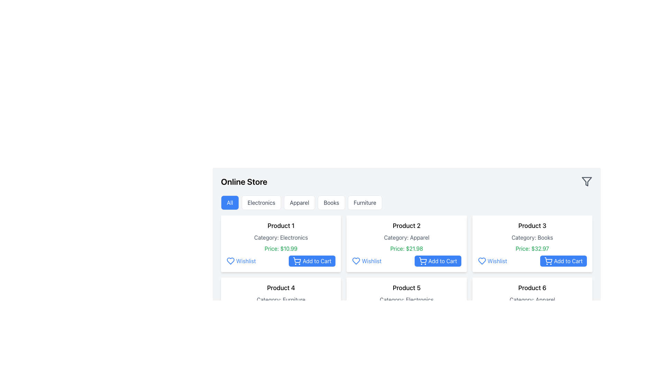 This screenshot has width=664, height=373. What do you see at coordinates (407, 306) in the screenshot?
I see `the fifth product card in the grid layout` at bounding box center [407, 306].